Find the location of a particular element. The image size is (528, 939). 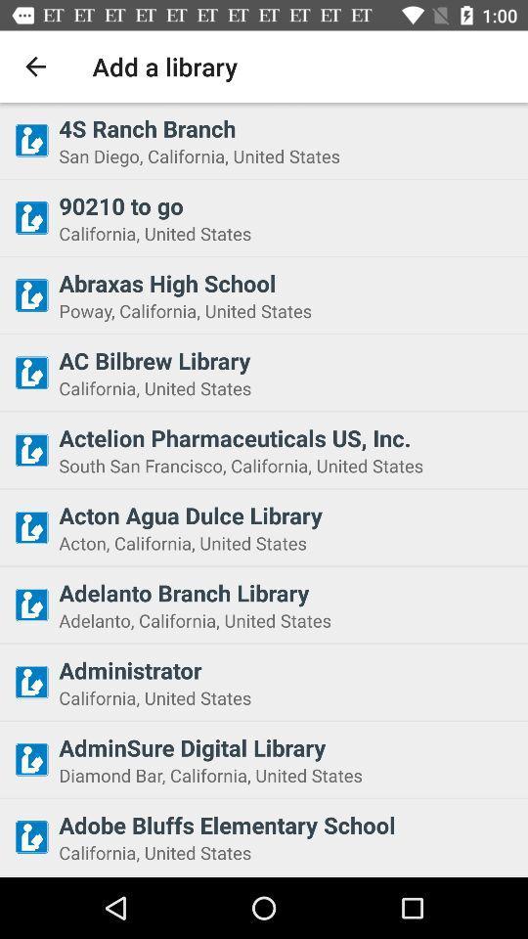

the item below acton california united is located at coordinates (286, 592).